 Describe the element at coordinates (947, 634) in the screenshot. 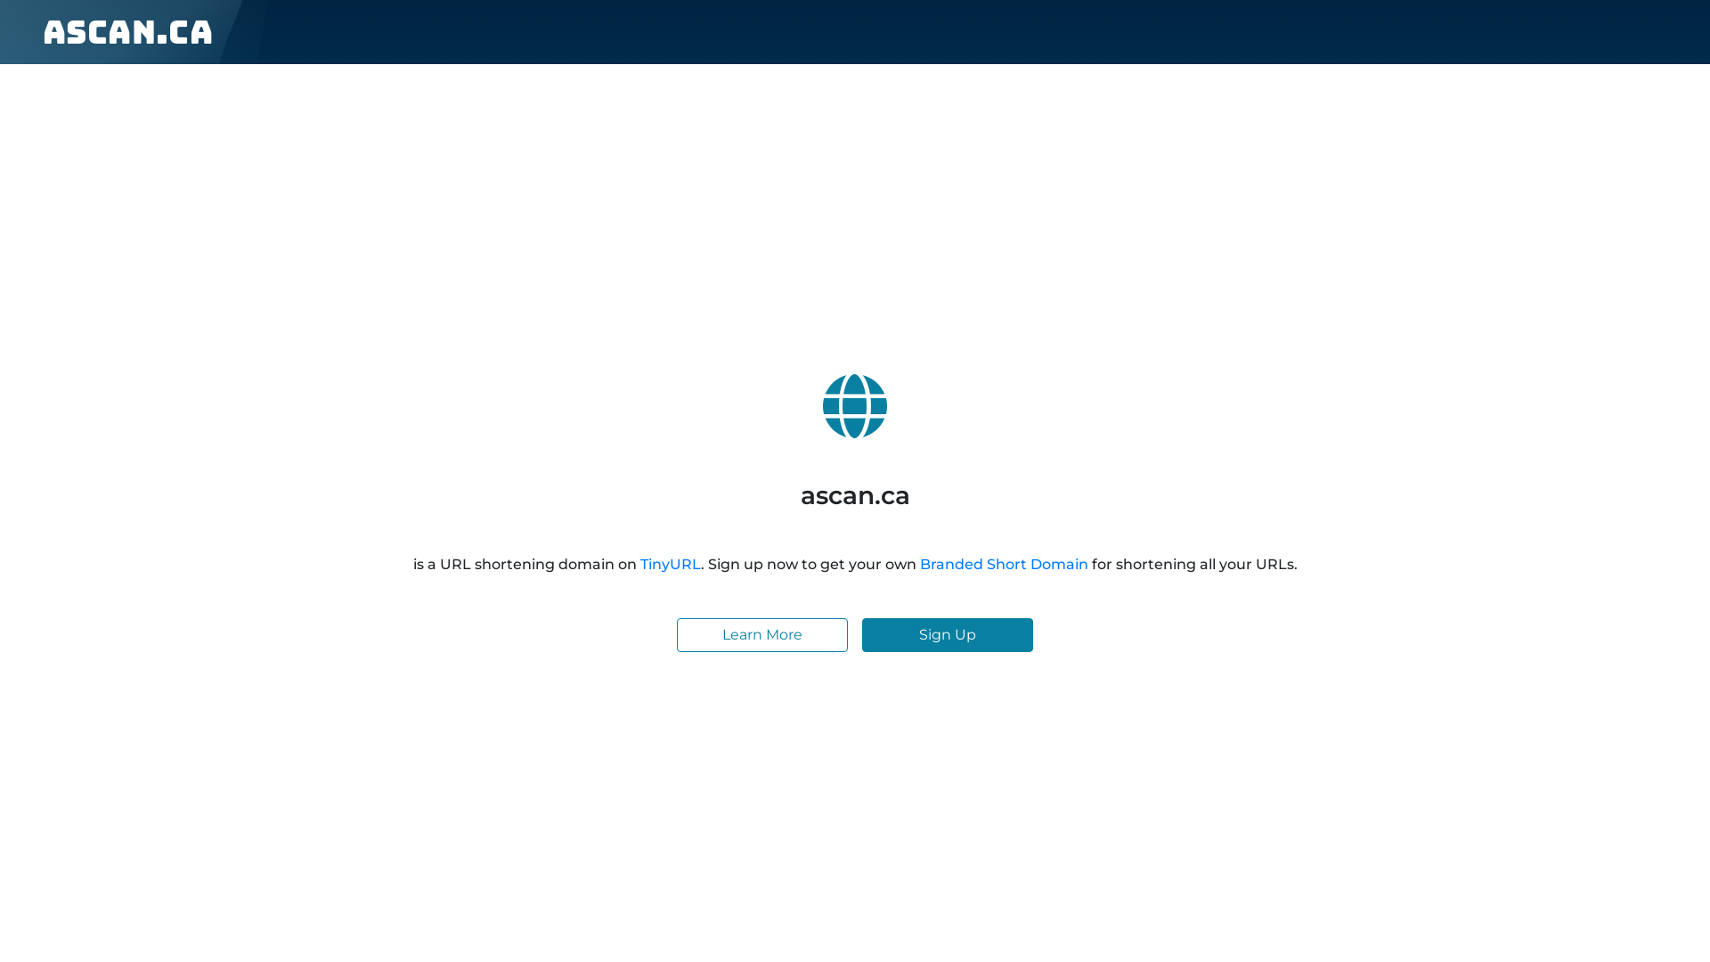

I see `'Sign Up'` at that location.